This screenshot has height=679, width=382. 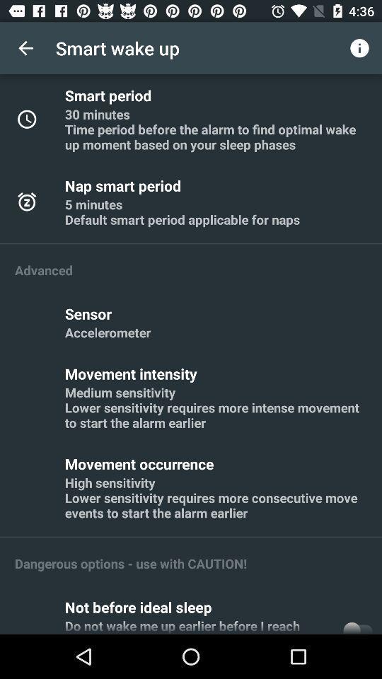 I want to click on icon to the left of smart wake up icon, so click(x=25, y=48).